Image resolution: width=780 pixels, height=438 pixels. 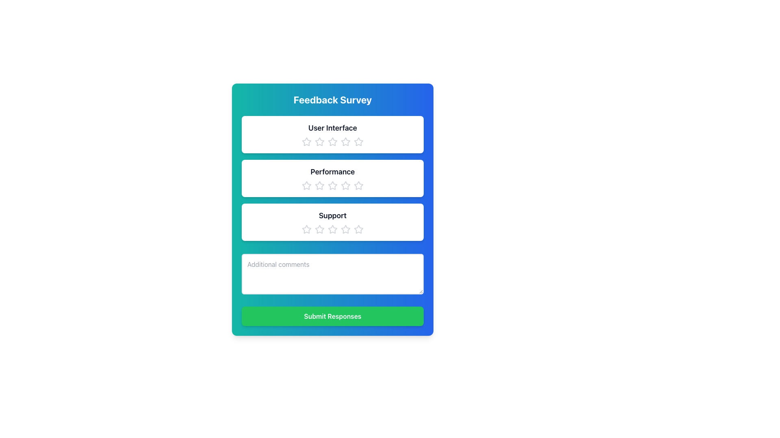 What do you see at coordinates (345, 229) in the screenshot?
I see `the second star icon in the rating section for 'Support' which has a hollow outline and is designed for visual feedback` at bounding box center [345, 229].